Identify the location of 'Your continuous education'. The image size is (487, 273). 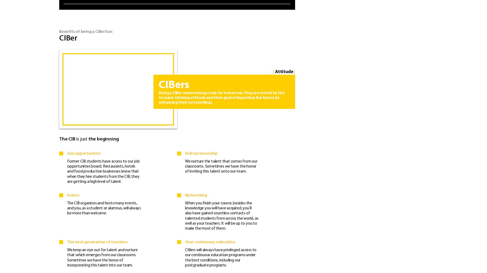
(210, 242).